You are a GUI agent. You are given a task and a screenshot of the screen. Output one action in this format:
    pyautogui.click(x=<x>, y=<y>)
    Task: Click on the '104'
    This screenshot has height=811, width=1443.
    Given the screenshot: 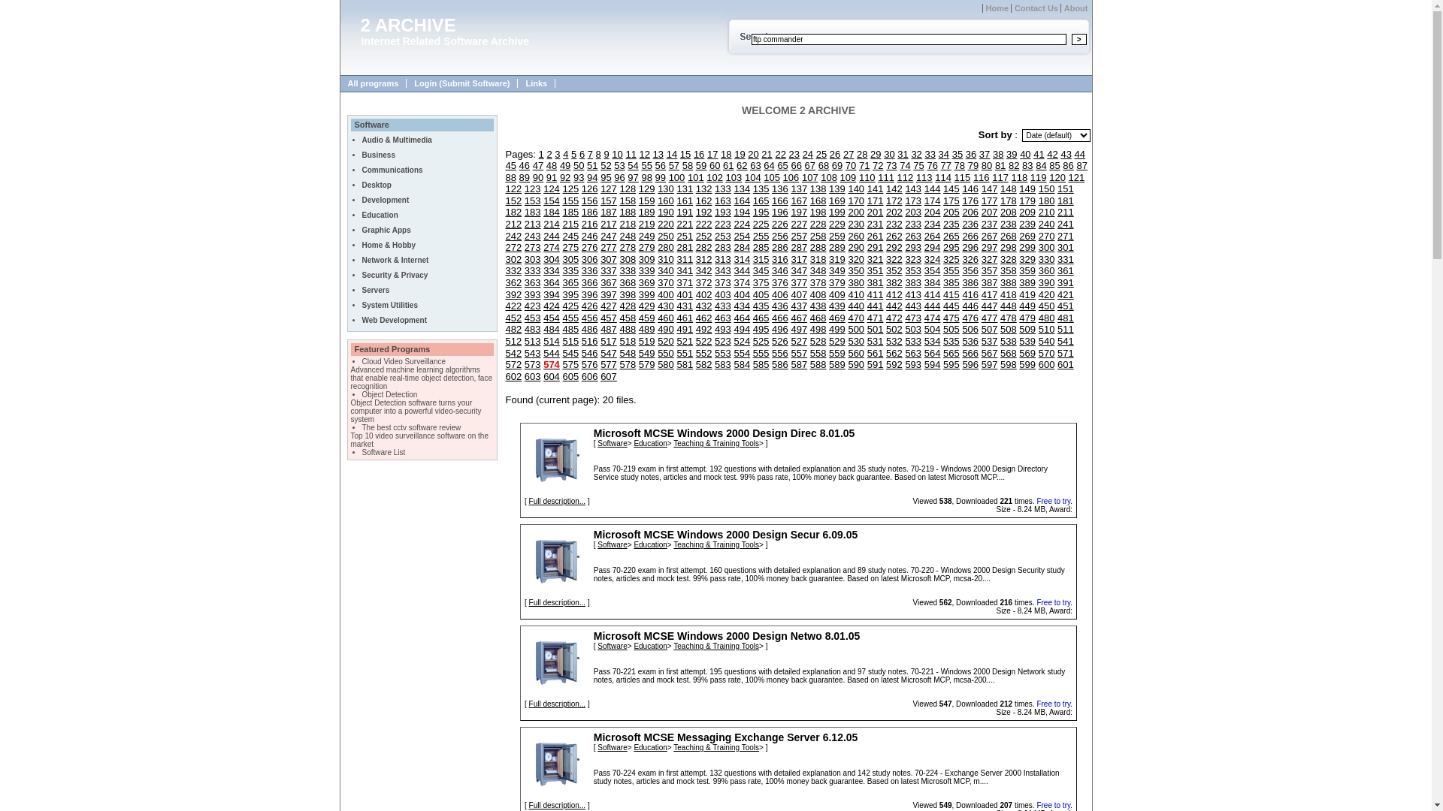 What is the action you would take?
    pyautogui.click(x=753, y=176)
    